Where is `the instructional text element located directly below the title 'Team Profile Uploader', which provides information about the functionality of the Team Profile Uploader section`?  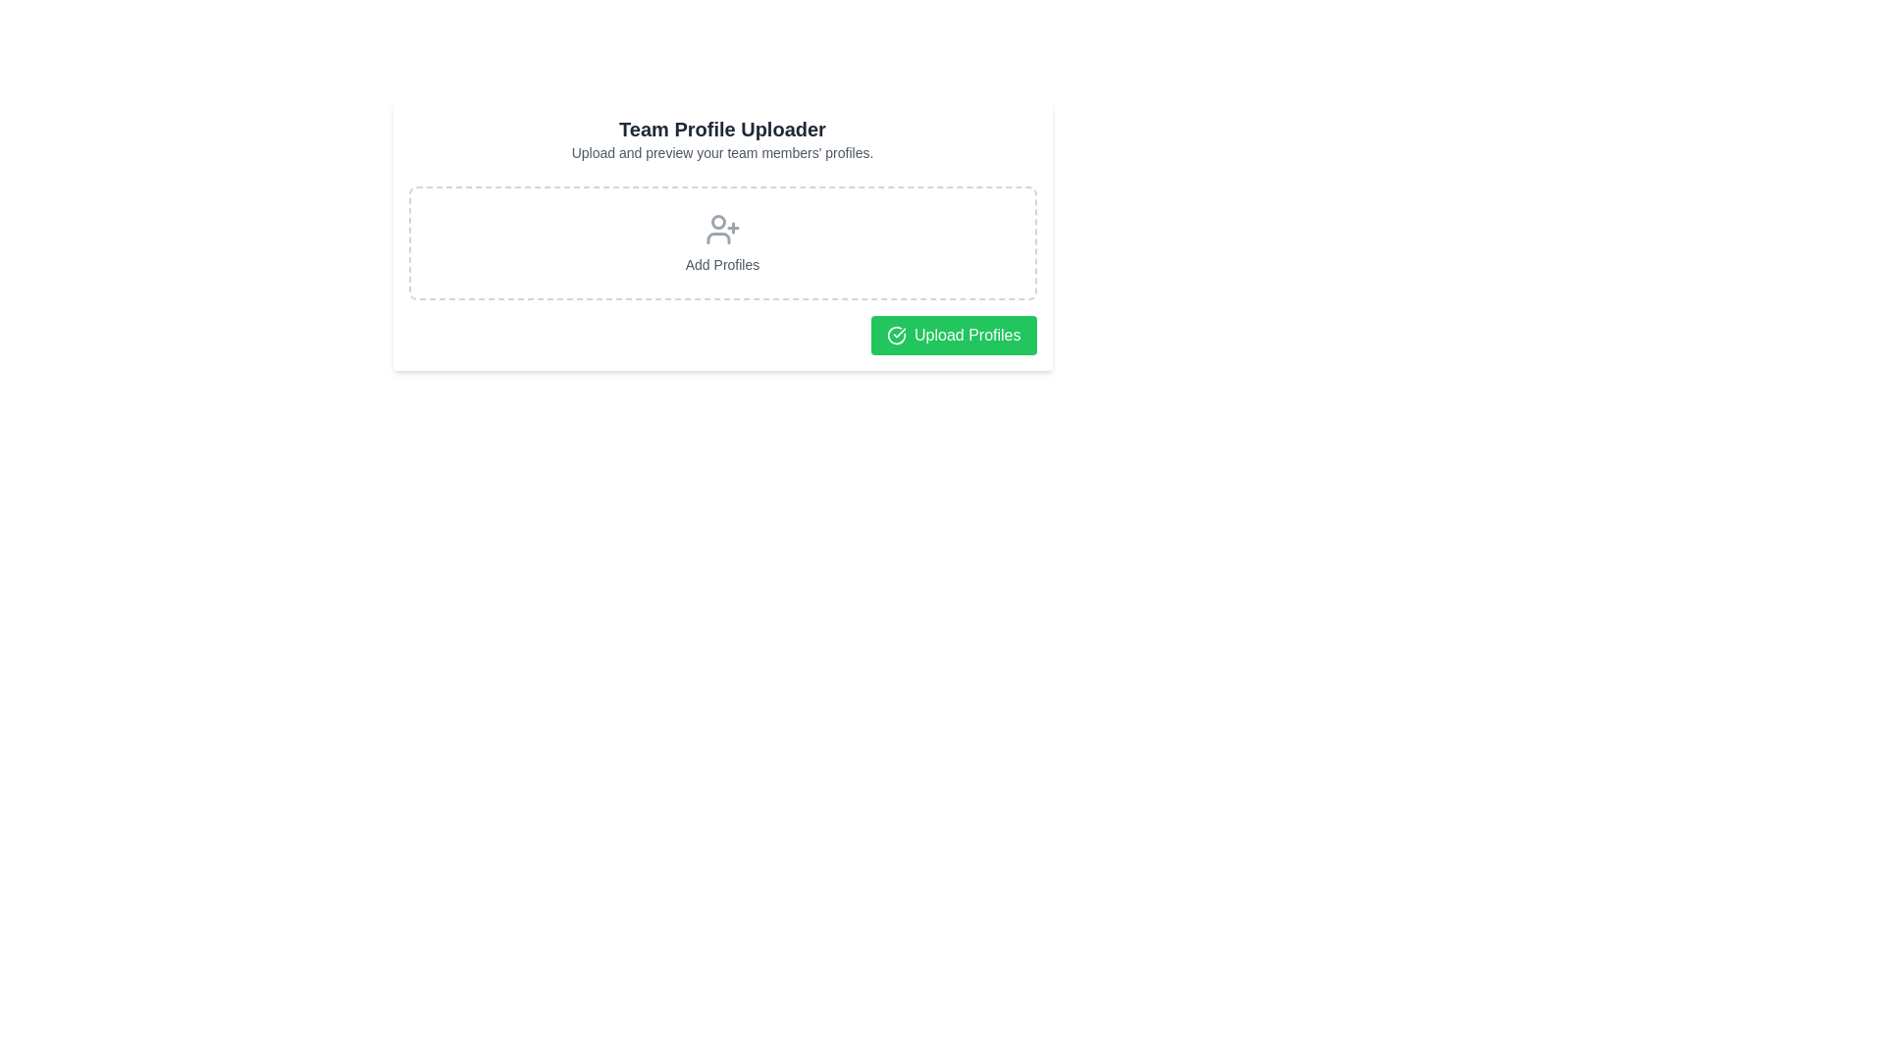
the instructional text element located directly below the title 'Team Profile Uploader', which provides information about the functionality of the Team Profile Uploader section is located at coordinates (721, 151).